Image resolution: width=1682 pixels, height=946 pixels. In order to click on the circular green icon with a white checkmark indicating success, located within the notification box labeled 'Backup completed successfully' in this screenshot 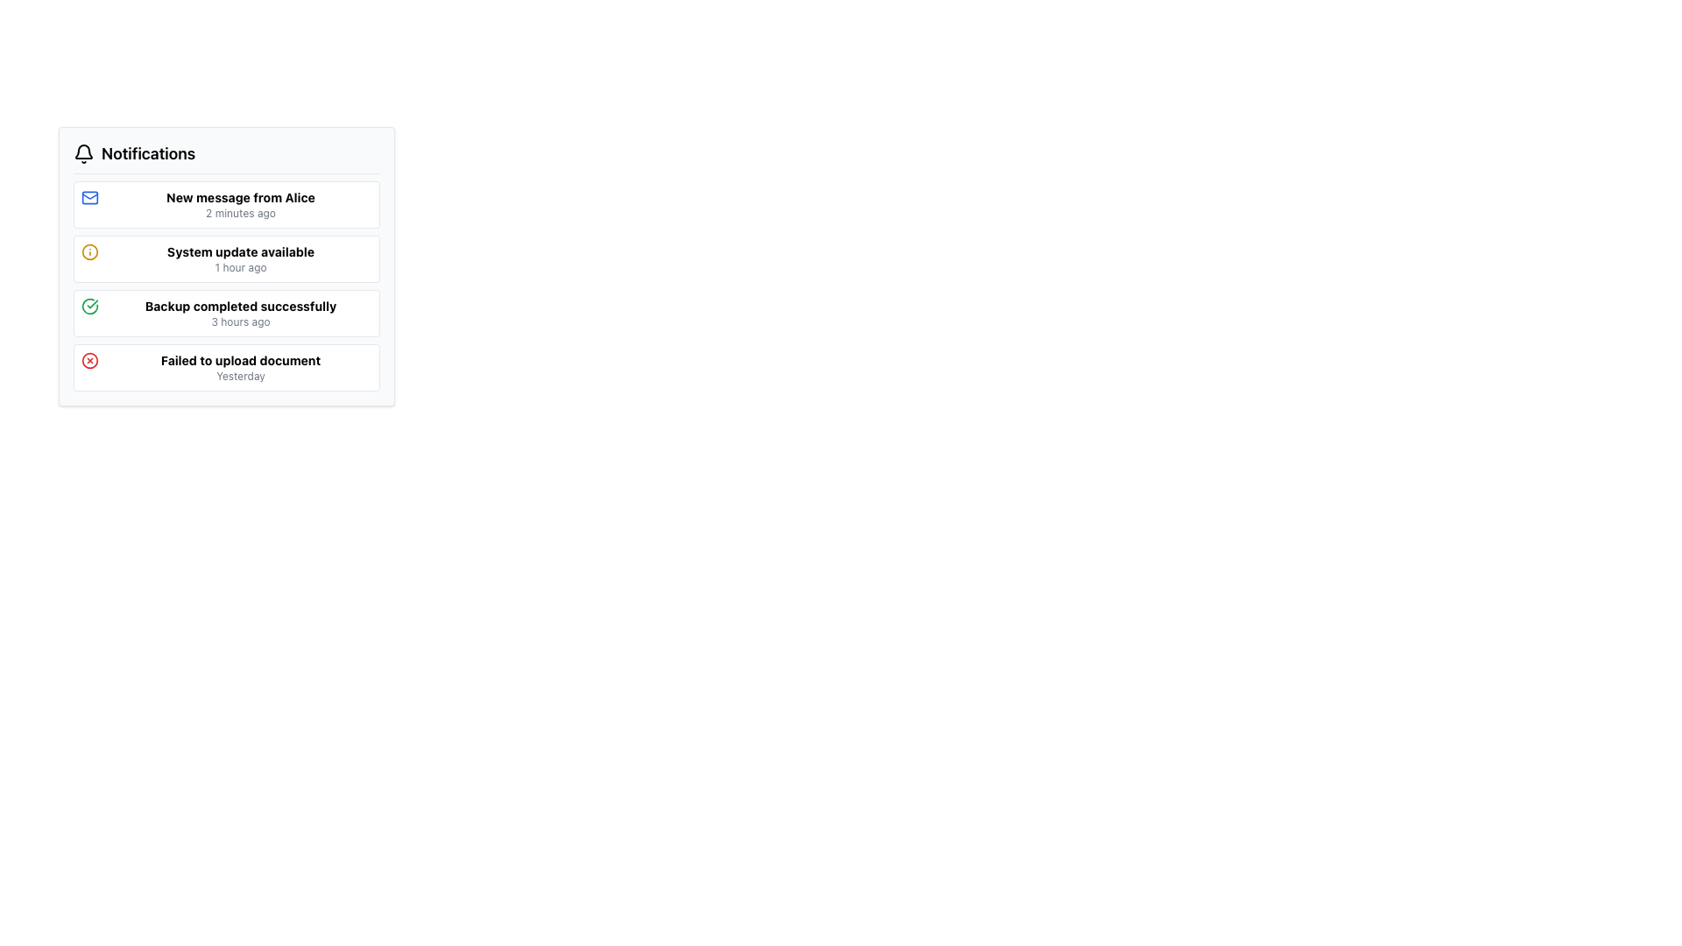, I will do `click(88, 306)`.